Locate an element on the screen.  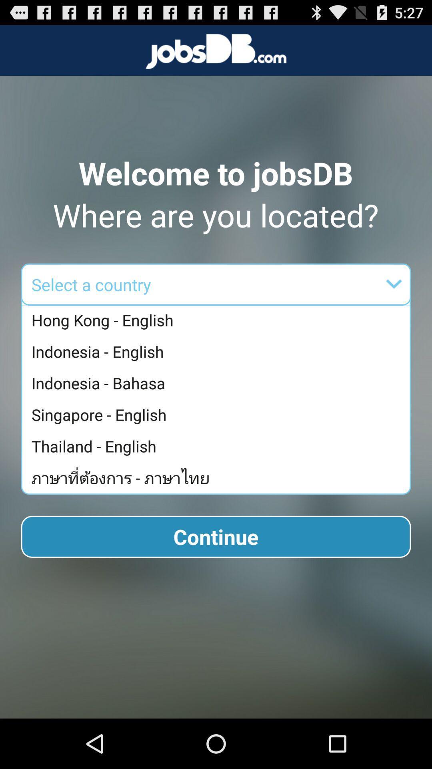
item below hong kong - english item is located at coordinates (218, 351).